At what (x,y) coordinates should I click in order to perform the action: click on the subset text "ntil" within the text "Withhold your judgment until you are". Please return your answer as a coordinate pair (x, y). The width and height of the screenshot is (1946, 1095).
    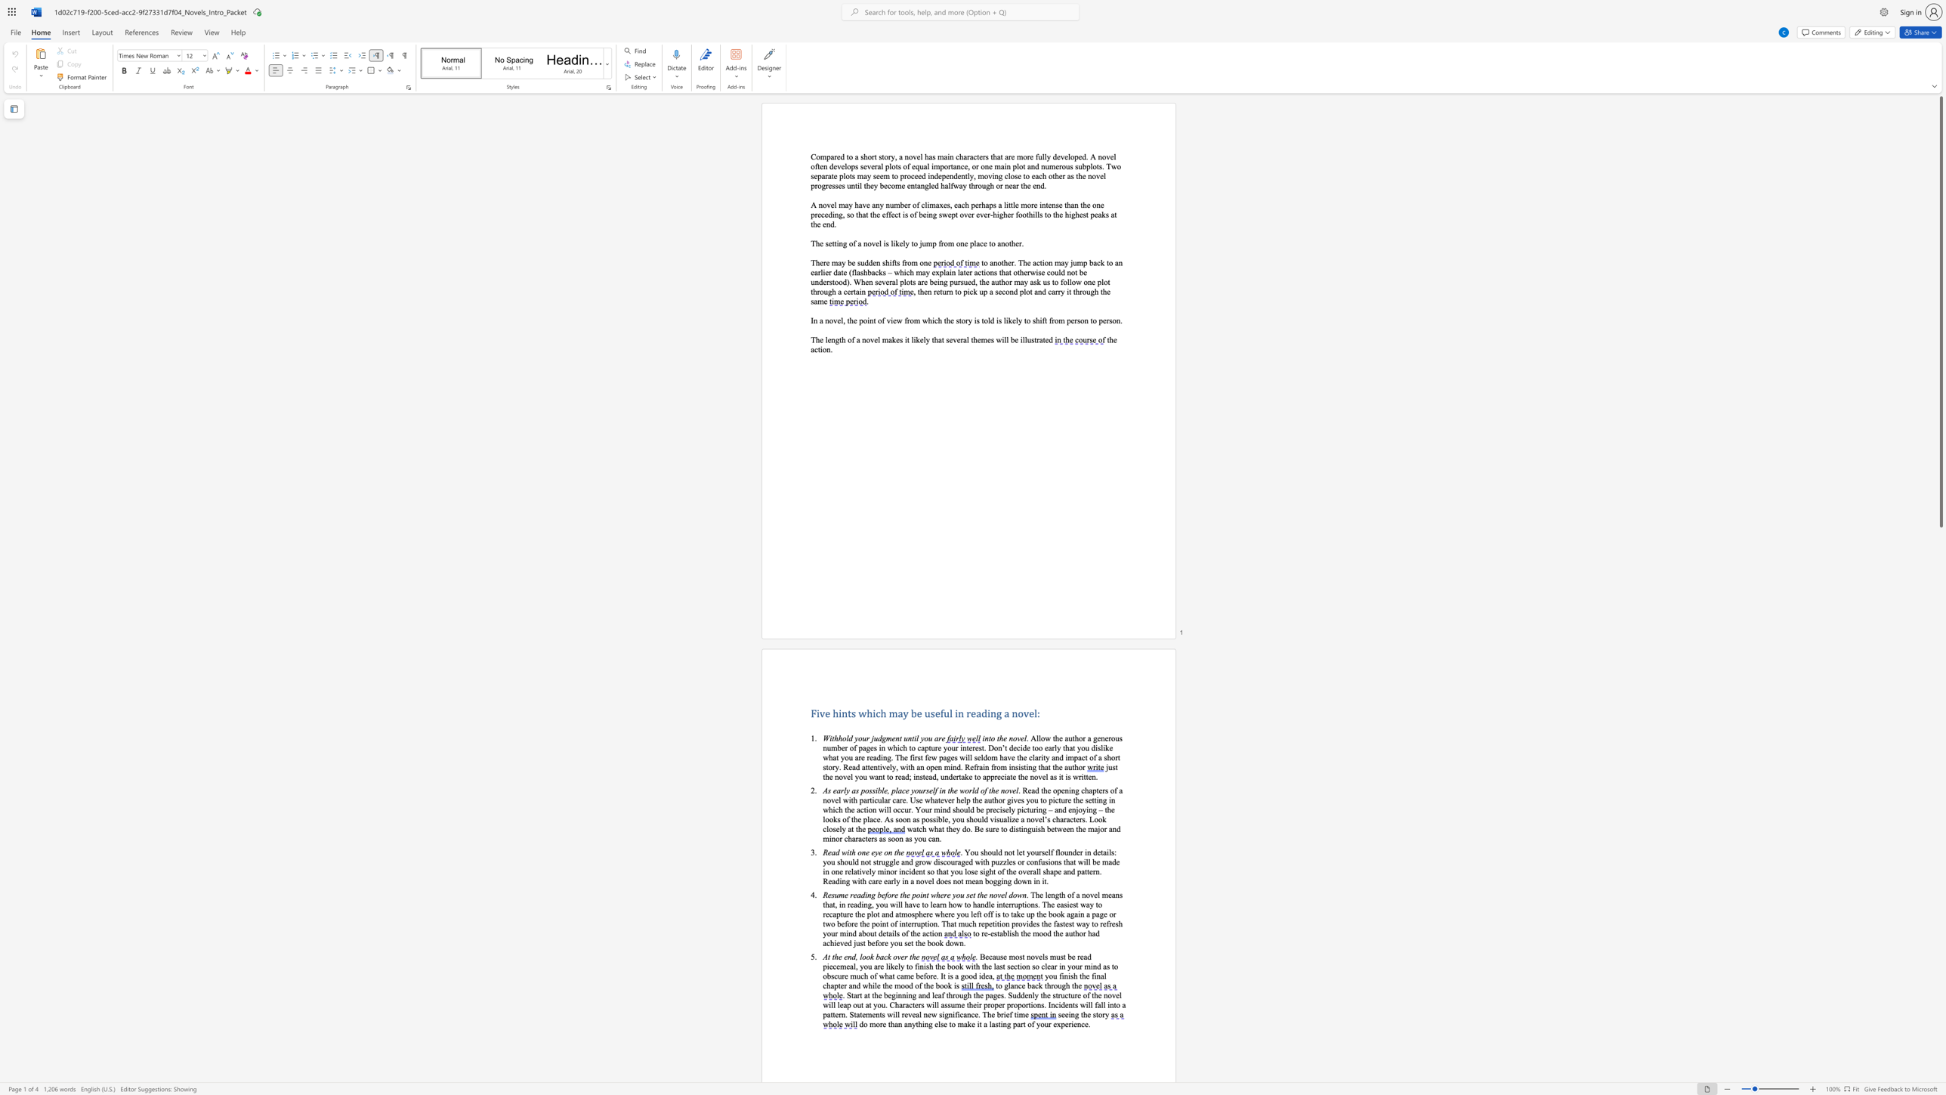
    Looking at the image, I should click on (907, 738).